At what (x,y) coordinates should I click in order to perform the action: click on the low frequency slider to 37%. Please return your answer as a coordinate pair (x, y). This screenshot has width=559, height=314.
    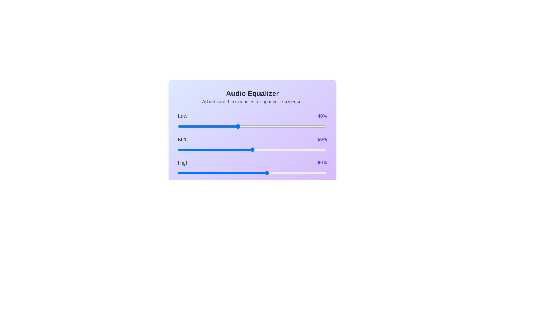
    Looking at the image, I should click on (233, 126).